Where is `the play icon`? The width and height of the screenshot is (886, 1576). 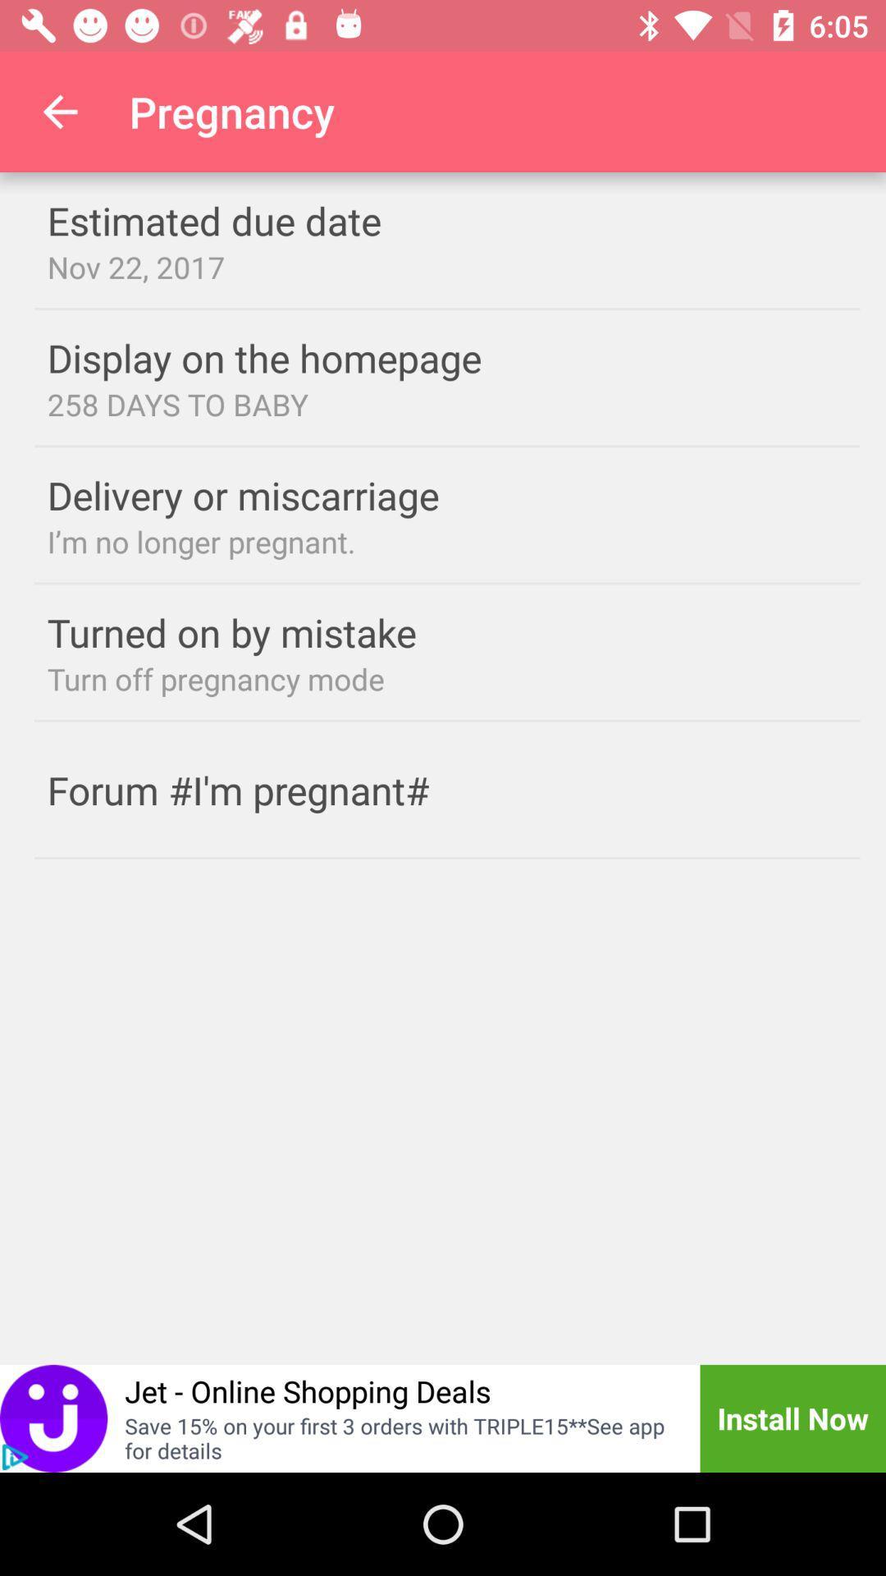 the play icon is located at coordinates (15, 1457).